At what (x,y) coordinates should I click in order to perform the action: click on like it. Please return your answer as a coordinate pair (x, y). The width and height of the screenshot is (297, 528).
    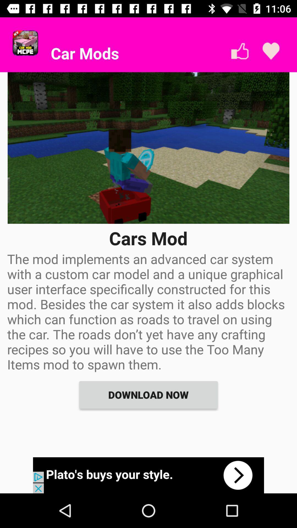
    Looking at the image, I should click on (271, 51).